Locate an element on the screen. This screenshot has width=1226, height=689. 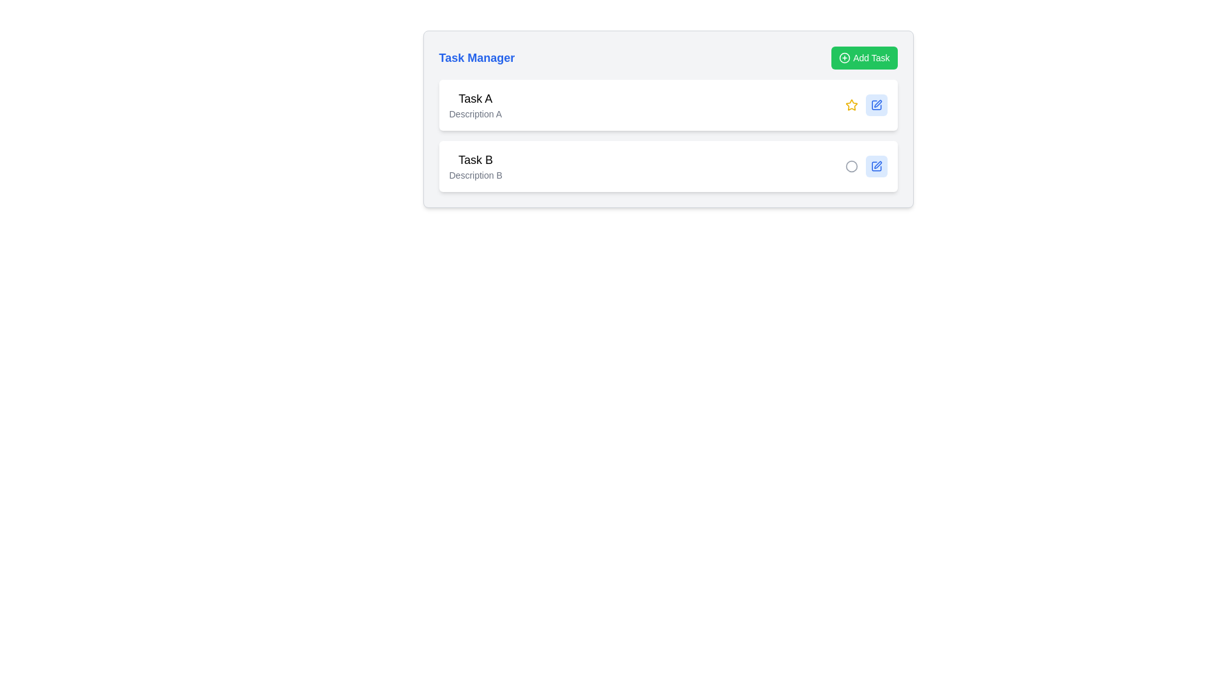
the star icon in the task card labeled 'Task A - Description A' is located at coordinates (866, 105).